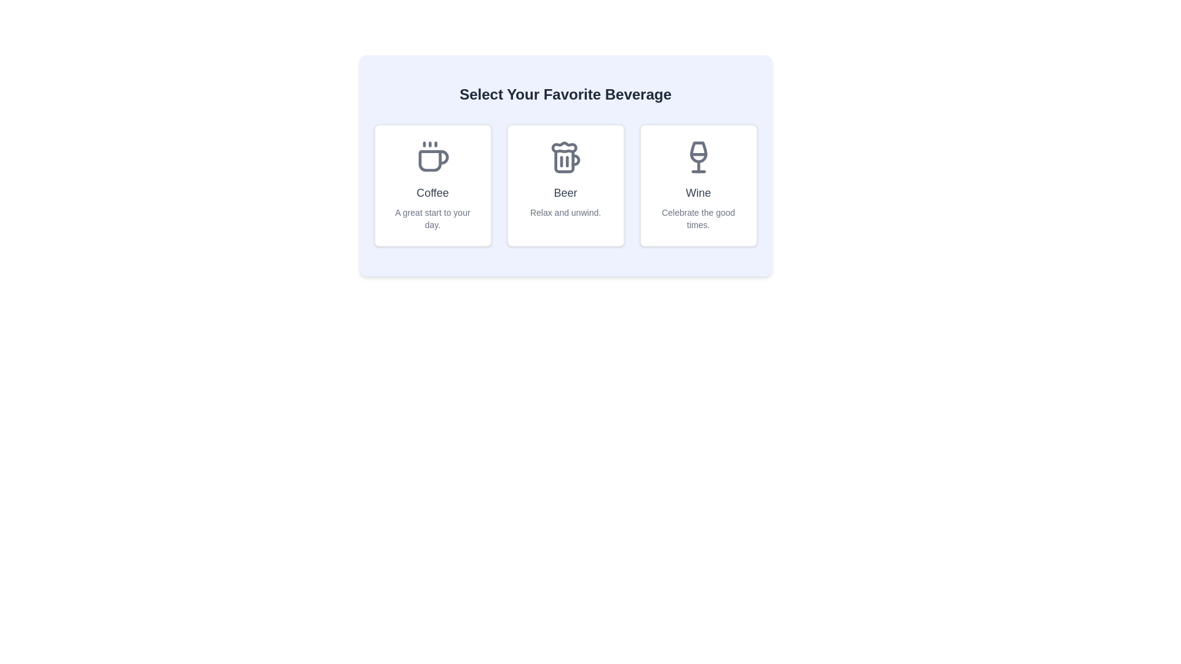 The height and width of the screenshot is (664, 1181). I want to click on the middle Selectable Card labeled 'Beer', so click(565, 185).